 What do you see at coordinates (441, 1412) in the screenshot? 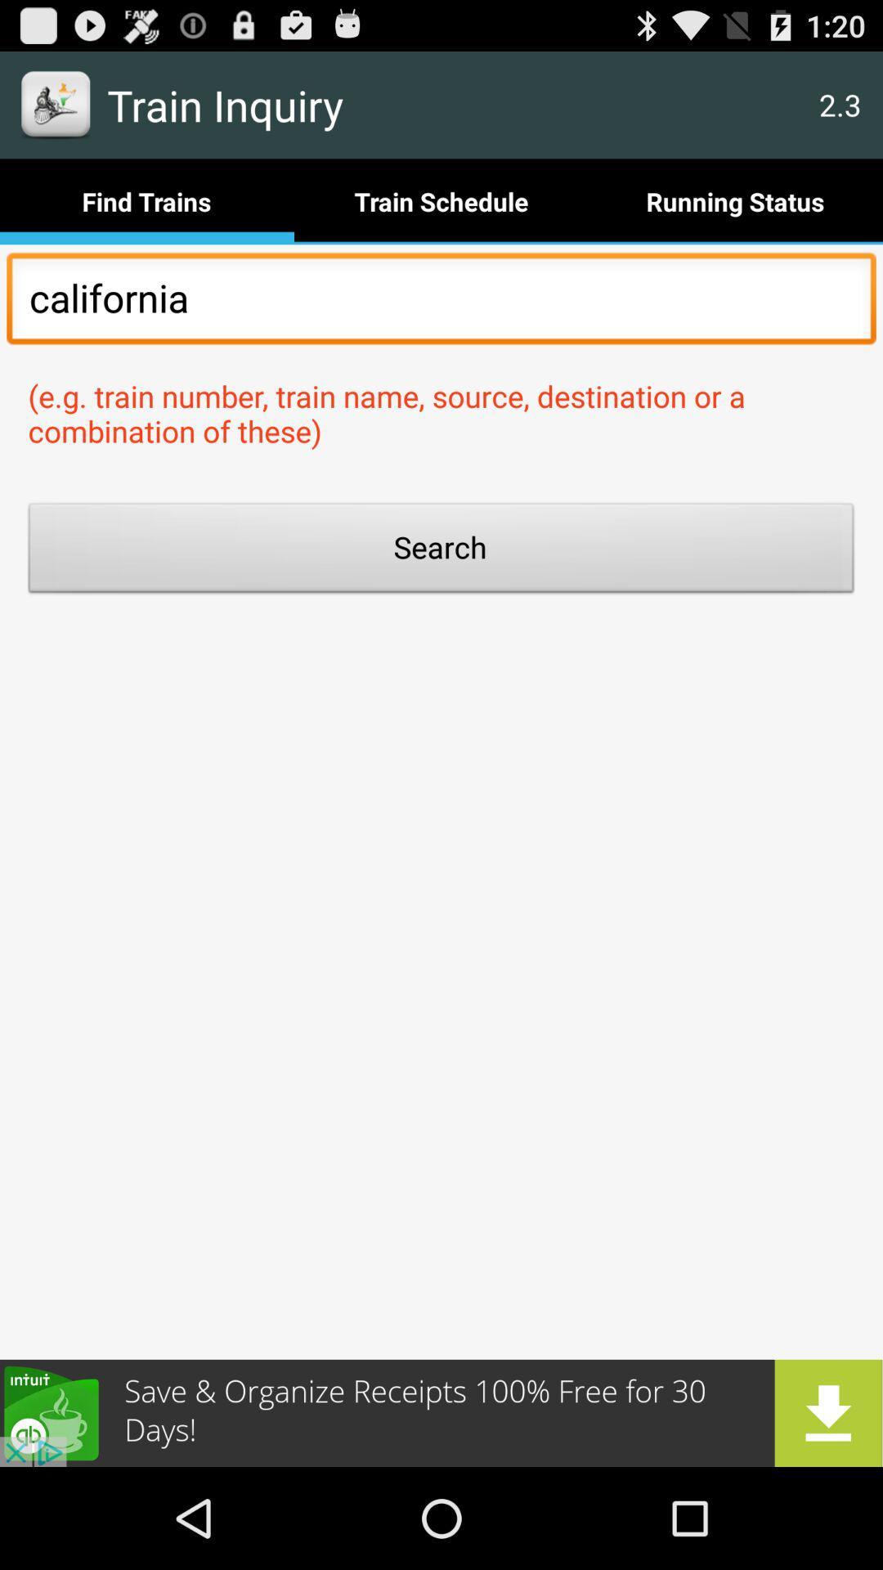
I see `see advertisement` at bounding box center [441, 1412].